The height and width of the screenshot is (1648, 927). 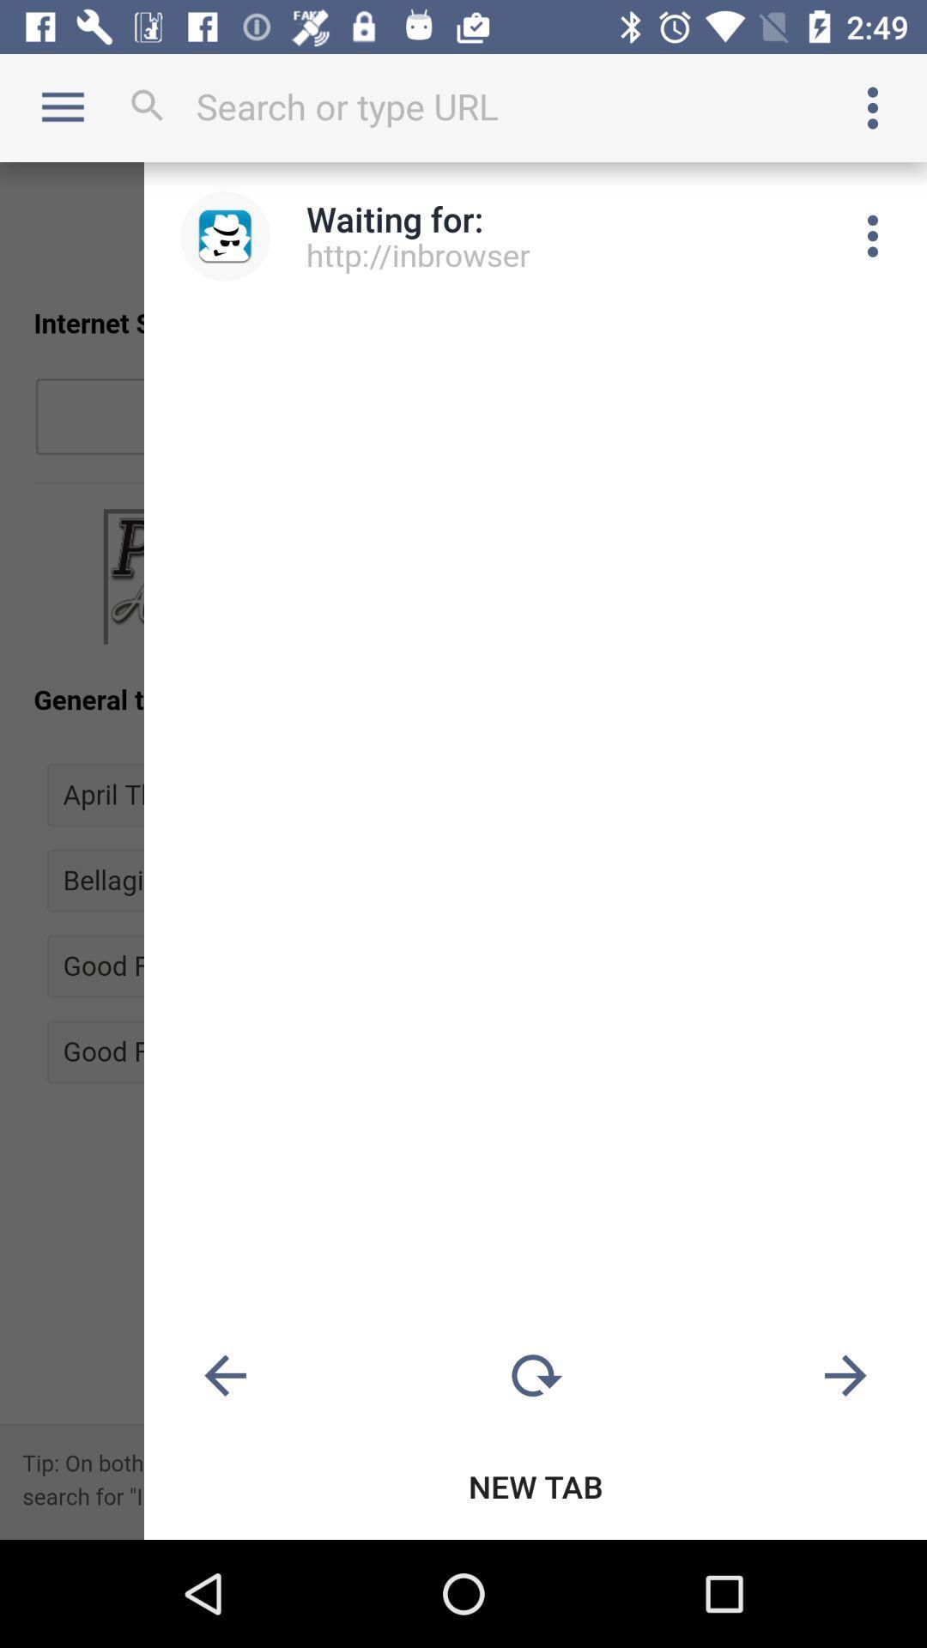 What do you see at coordinates (873, 235) in the screenshot?
I see `item to the right of http://inbrowser` at bounding box center [873, 235].